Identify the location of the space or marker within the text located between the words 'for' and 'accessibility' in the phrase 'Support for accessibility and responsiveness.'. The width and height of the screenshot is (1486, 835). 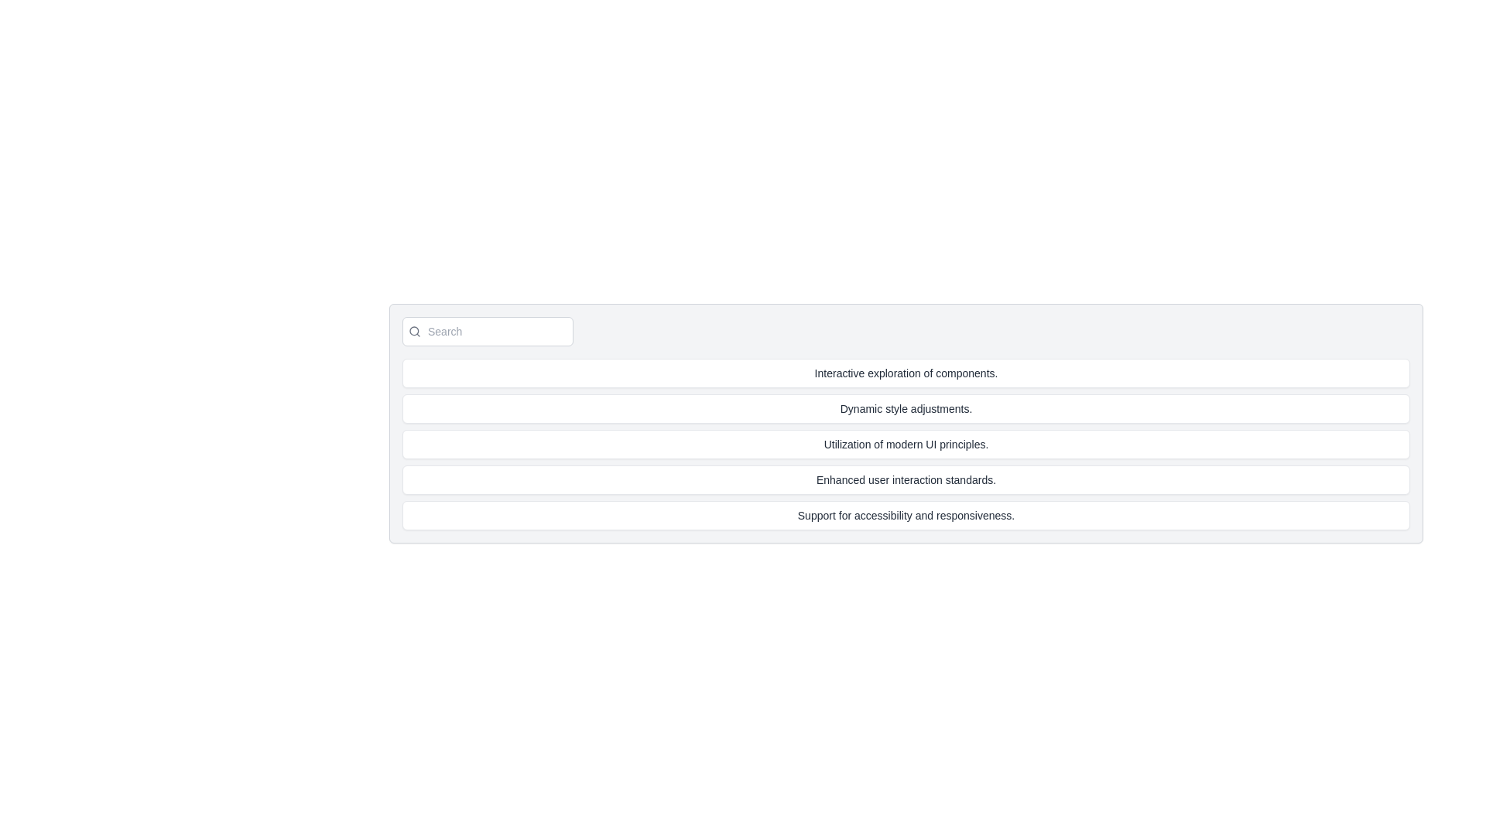
(852, 516).